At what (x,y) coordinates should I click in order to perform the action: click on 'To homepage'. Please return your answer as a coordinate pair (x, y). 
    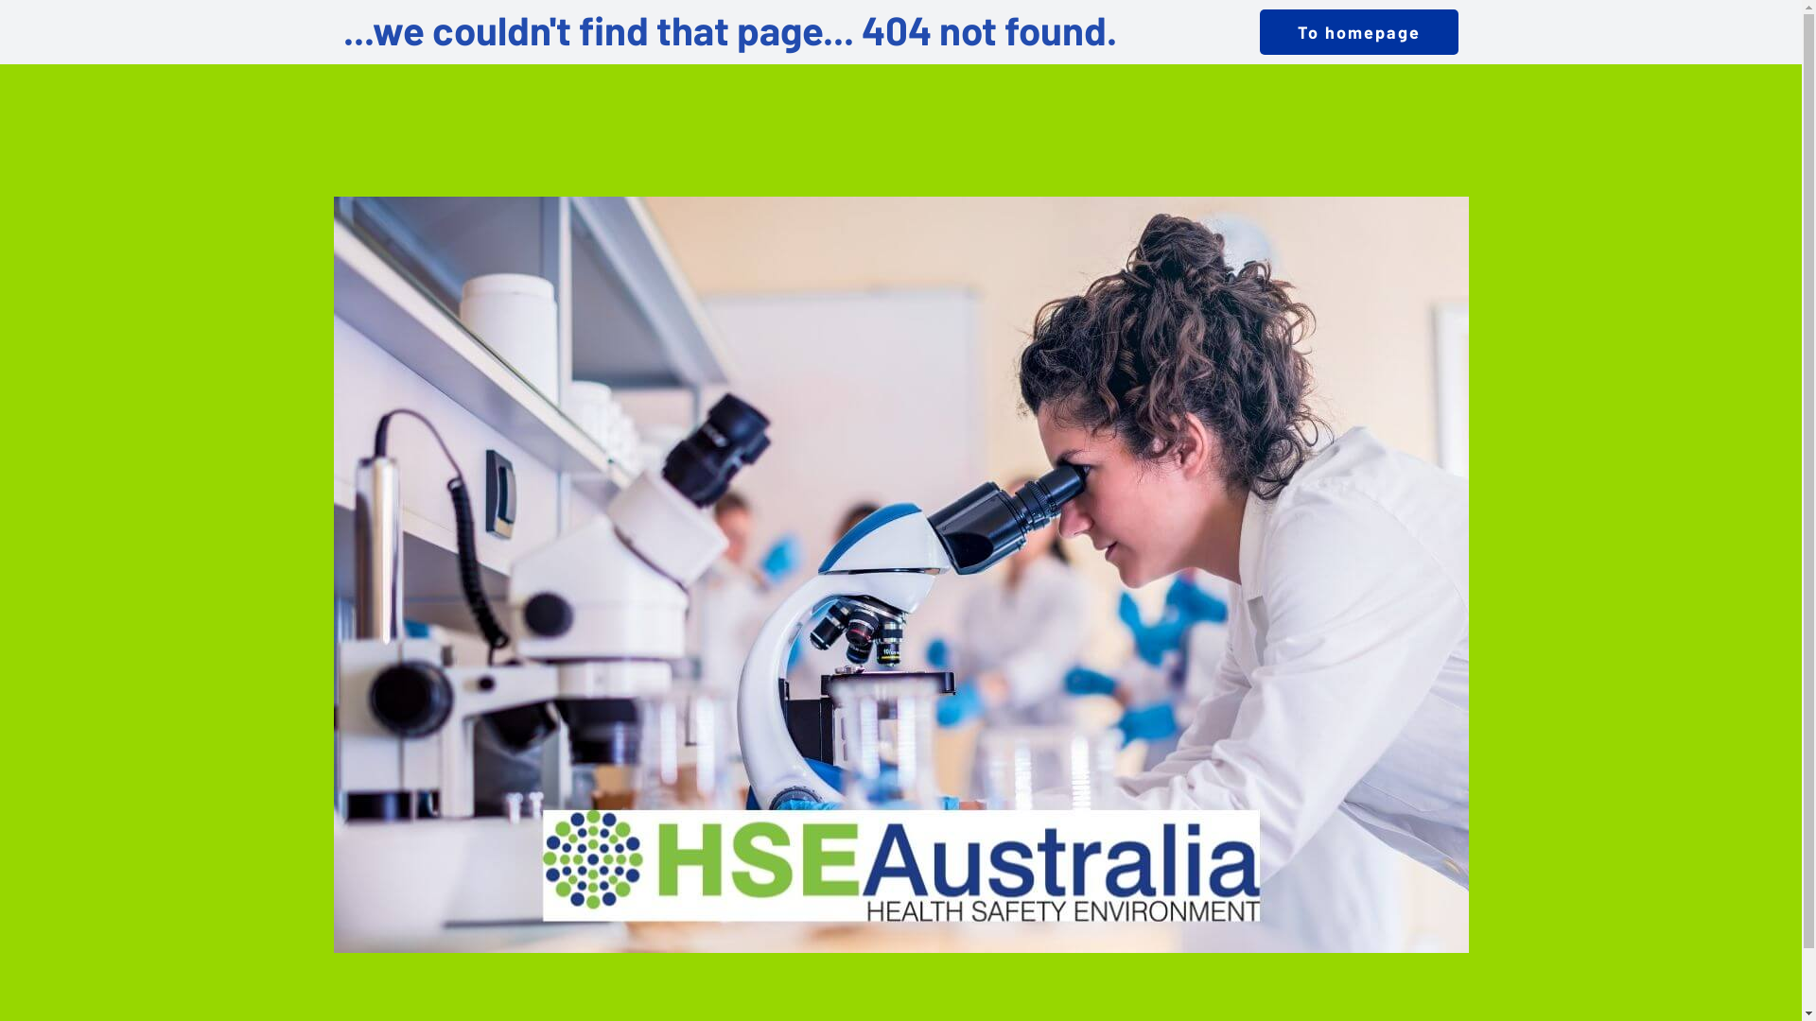
    Looking at the image, I should click on (1357, 32).